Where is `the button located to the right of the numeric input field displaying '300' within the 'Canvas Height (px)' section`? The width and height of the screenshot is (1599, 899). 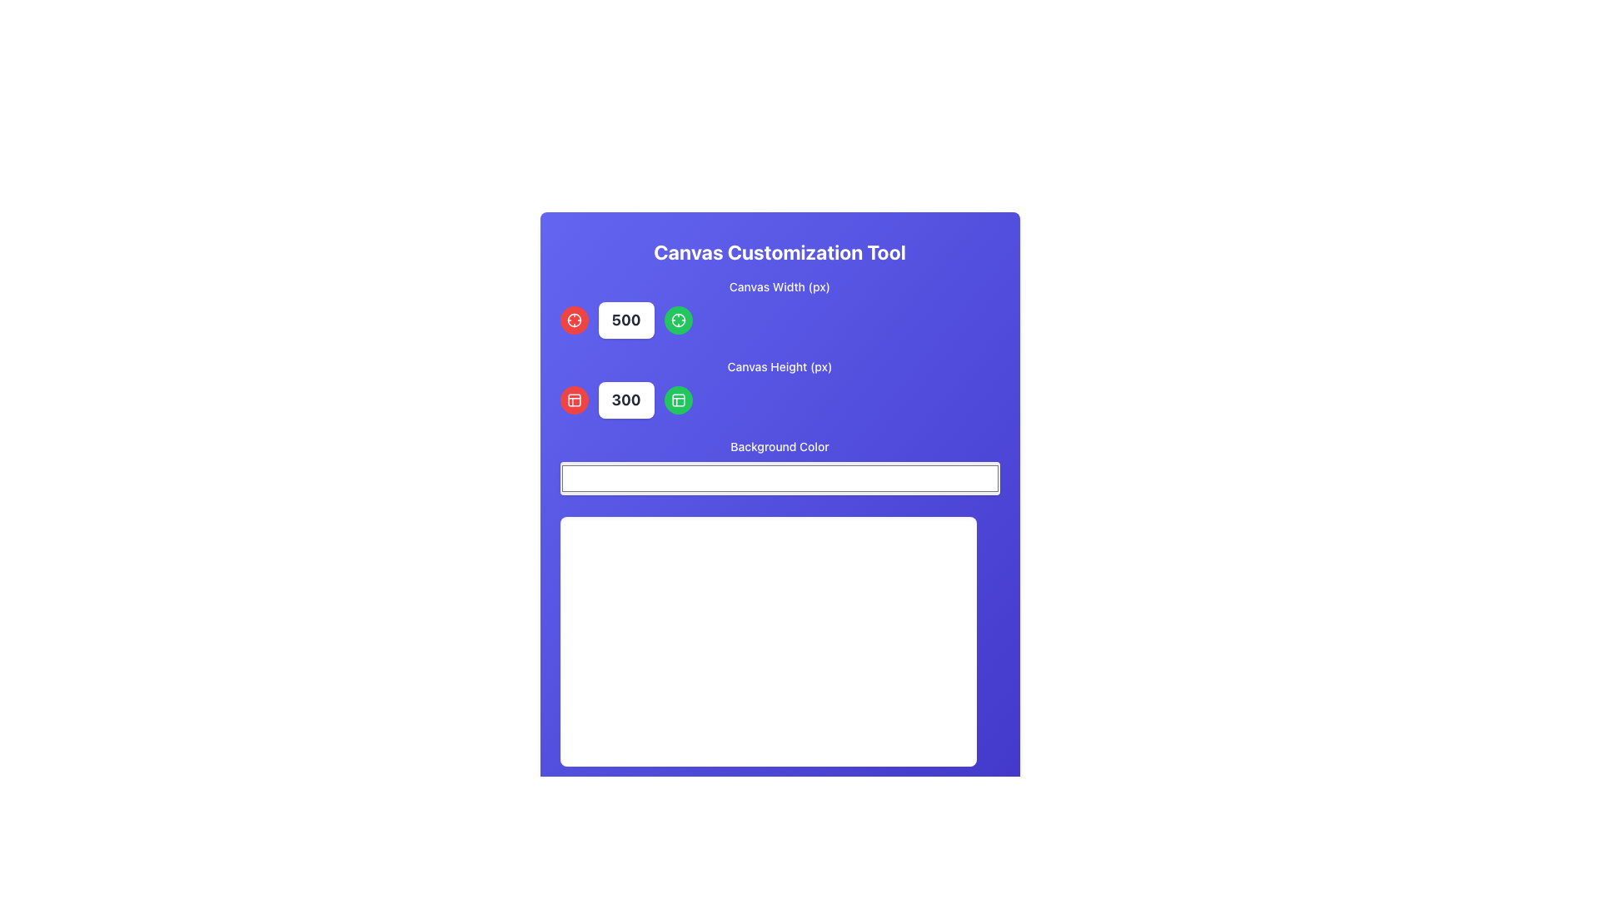
the button located to the right of the numeric input field displaying '300' within the 'Canvas Height (px)' section is located at coordinates (678, 400).